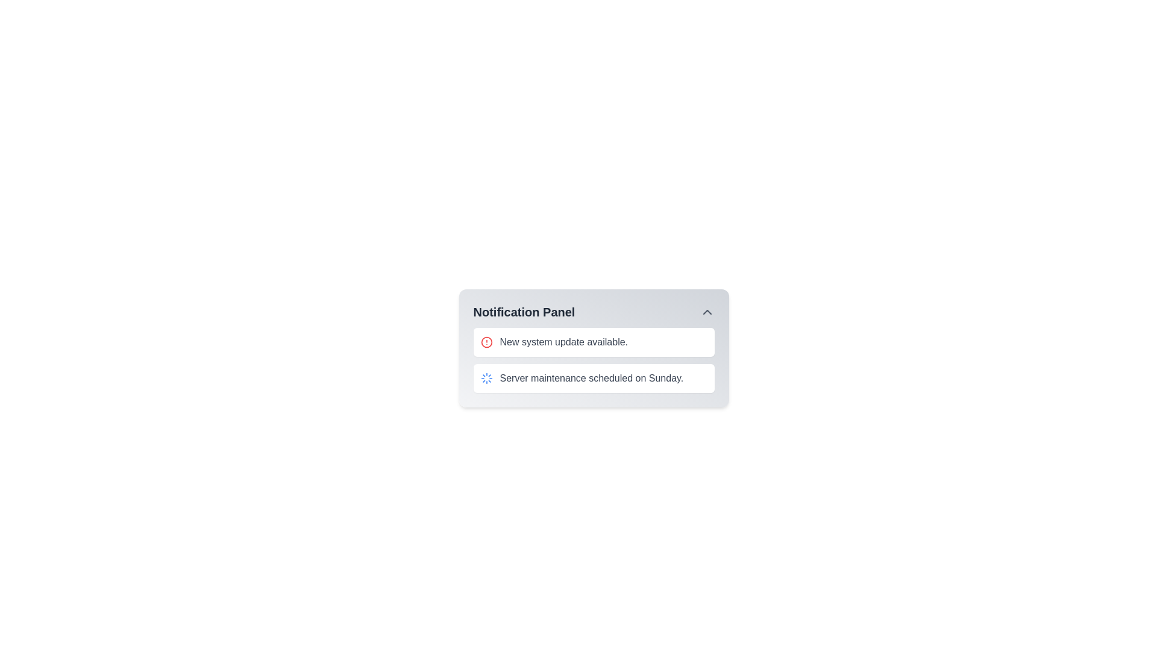  I want to click on the notification list containing two notifications, one with a red alert icon and the text 'New system update available.' and another with a blue spinner icon and the text 'Server maintenance scheduled on Sunday.' for further actions or, so click(594, 359).